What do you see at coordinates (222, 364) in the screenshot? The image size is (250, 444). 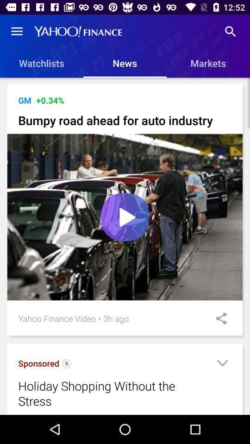 I see `minimize advertisement` at bounding box center [222, 364].